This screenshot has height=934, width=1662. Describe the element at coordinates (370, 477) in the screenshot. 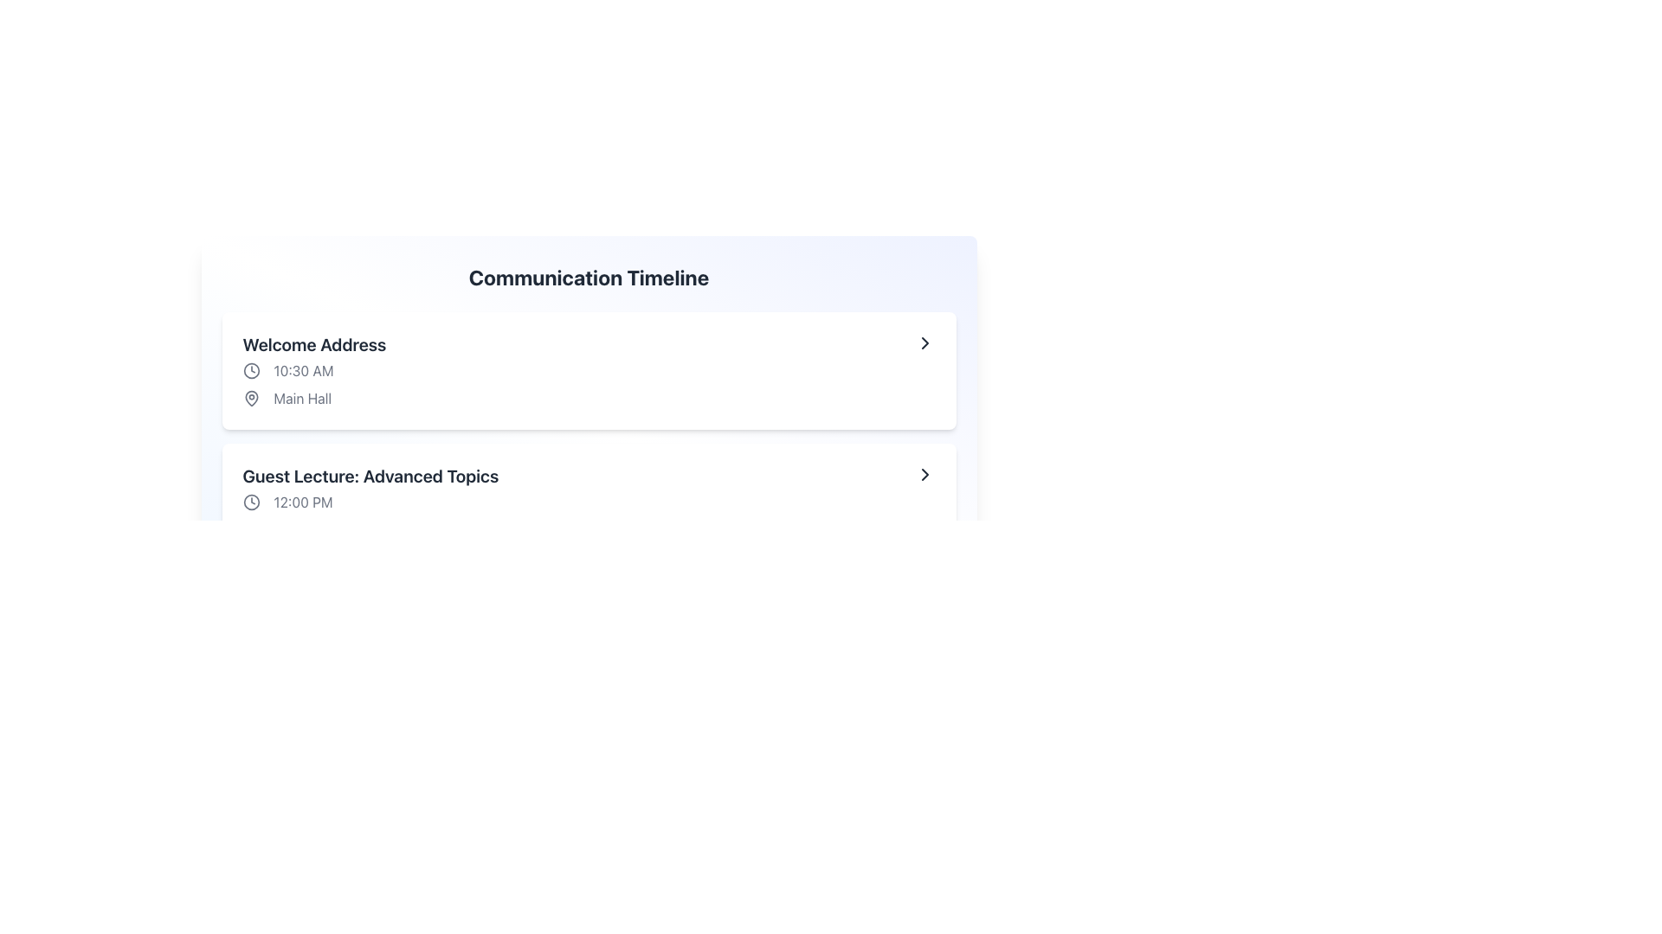

I see `the text label stating 'Guest Lecture: Advanced Topics' which is styled in bold and dark gray, located under the header 'Welcome Address'` at that location.